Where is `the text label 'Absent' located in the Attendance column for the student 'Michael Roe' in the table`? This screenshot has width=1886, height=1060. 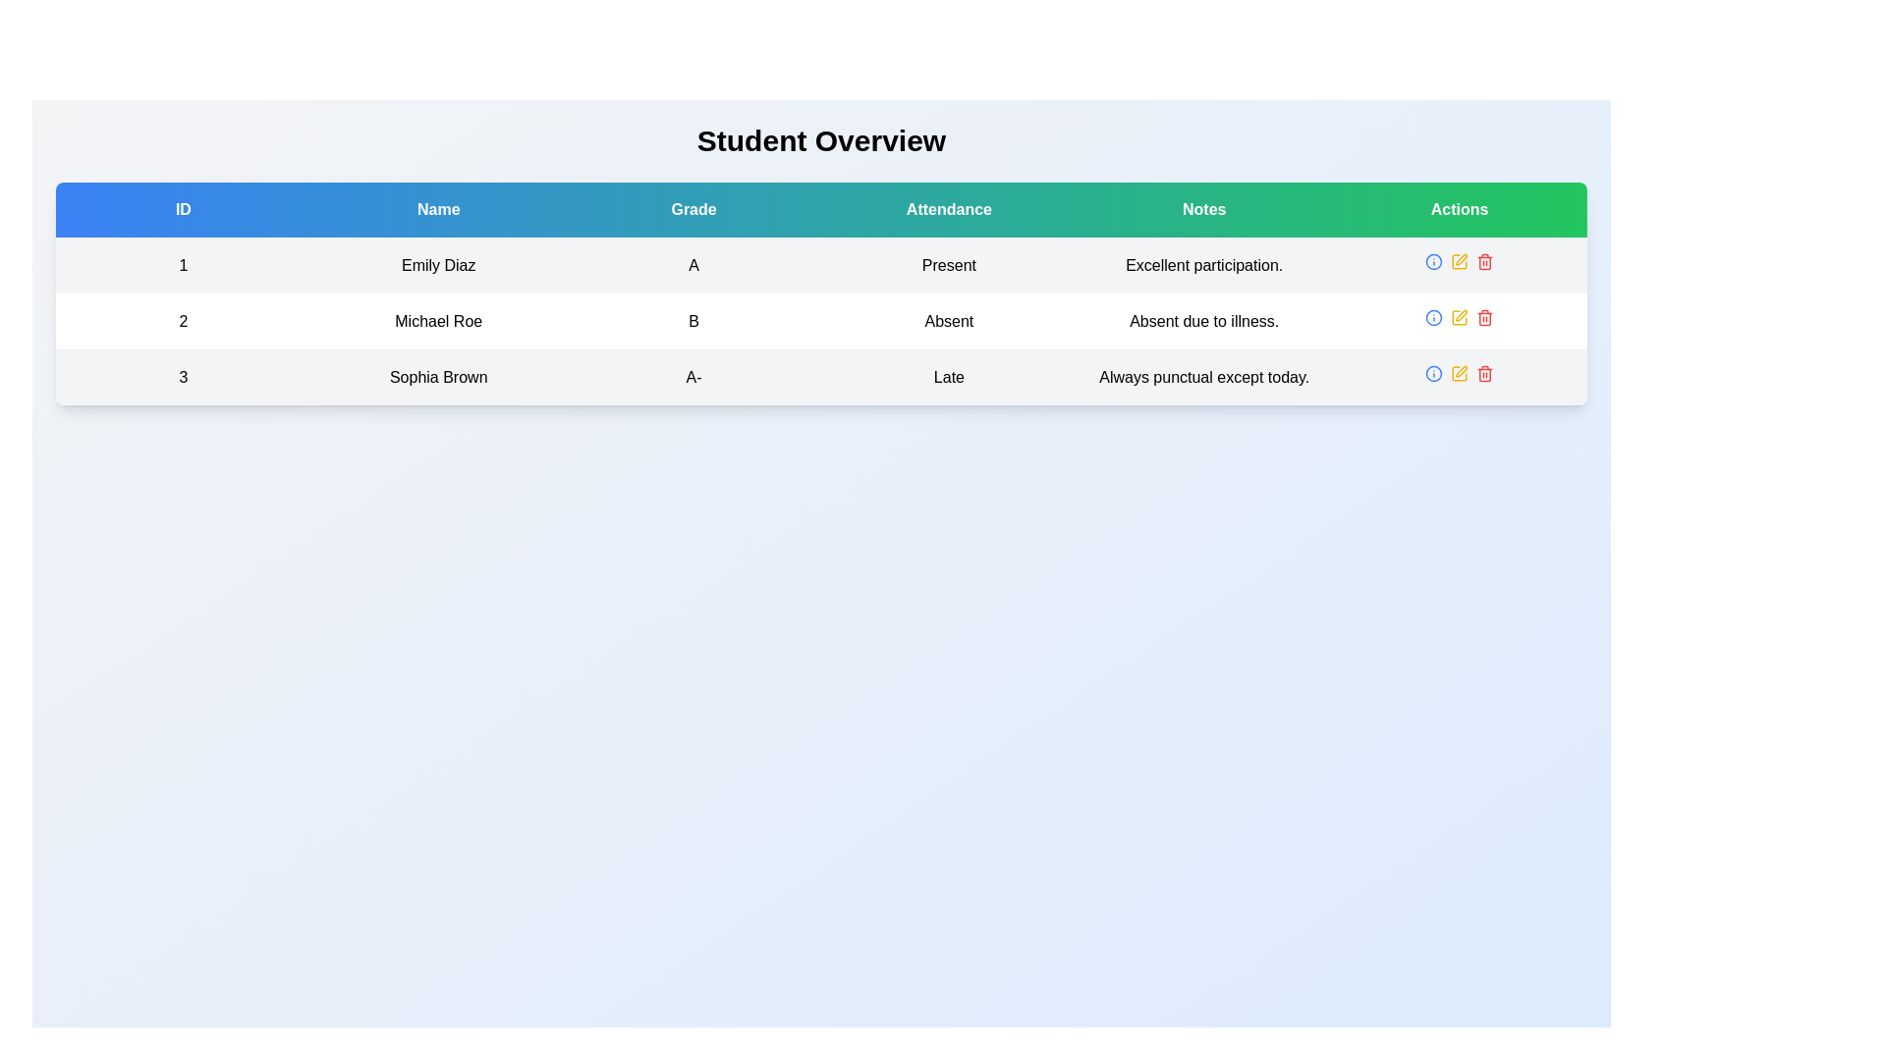
the text label 'Absent' located in the Attendance column for the student 'Michael Roe' in the table is located at coordinates (949, 320).